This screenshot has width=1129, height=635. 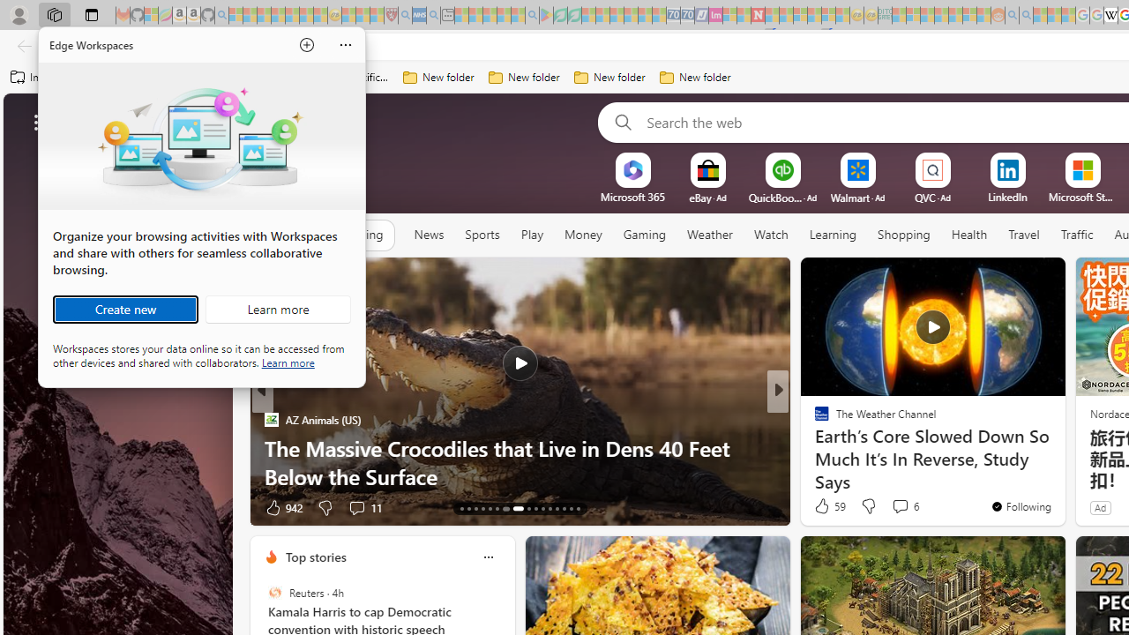 I want to click on 'Rarest.org', so click(x=813, y=446).